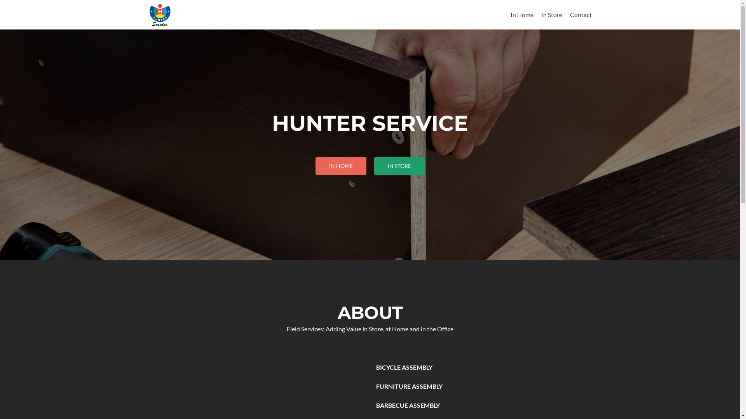 This screenshot has width=746, height=419. What do you see at coordinates (580, 14) in the screenshot?
I see `'Contact'` at bounding box center [580, 14].